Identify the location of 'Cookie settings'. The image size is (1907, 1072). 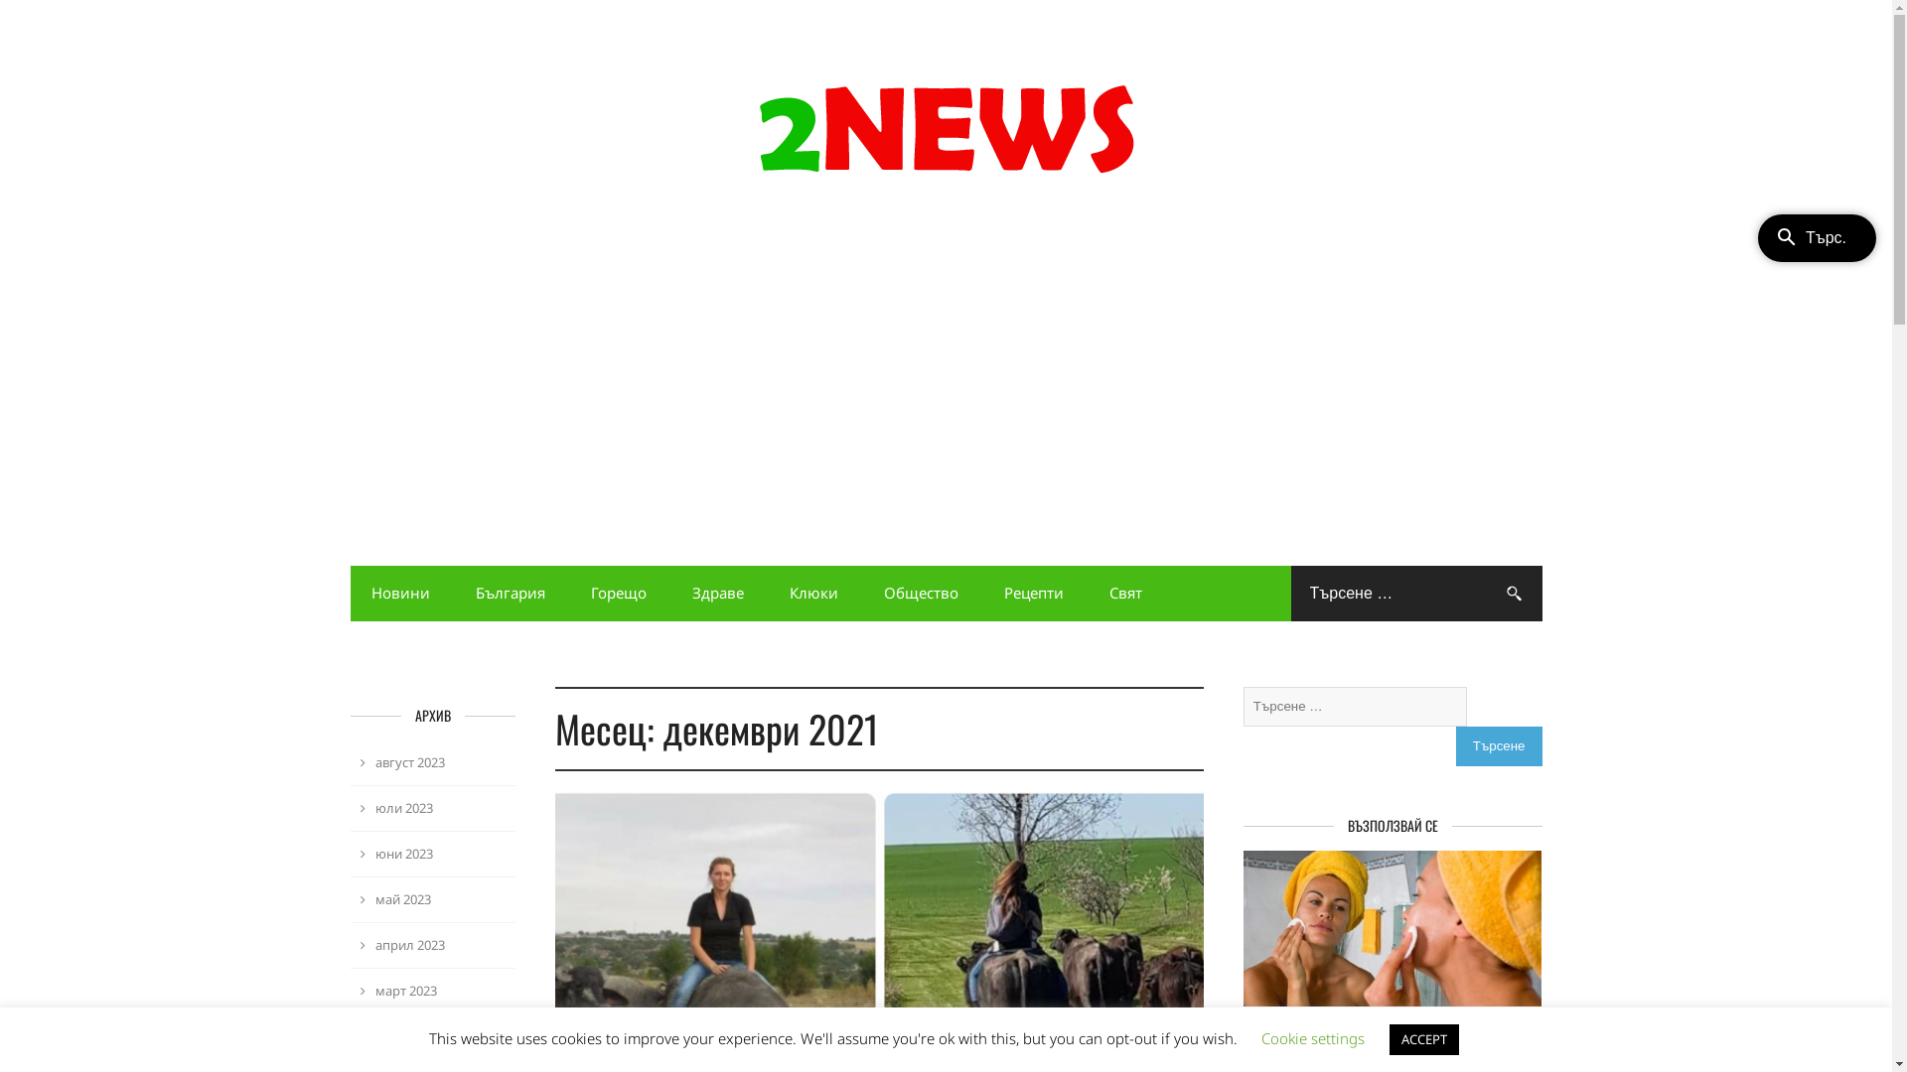
(1312, 1036).